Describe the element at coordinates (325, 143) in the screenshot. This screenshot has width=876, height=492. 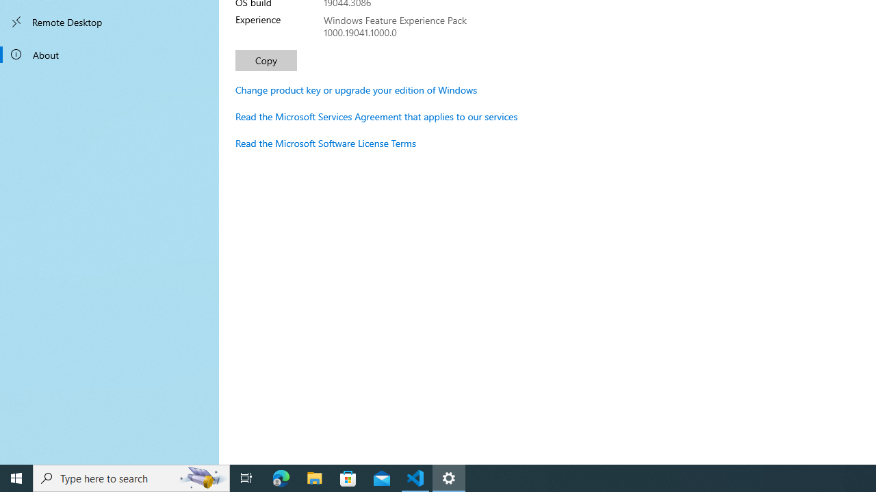
I see `'Read the Microsoft Software License Terms'` at that location.